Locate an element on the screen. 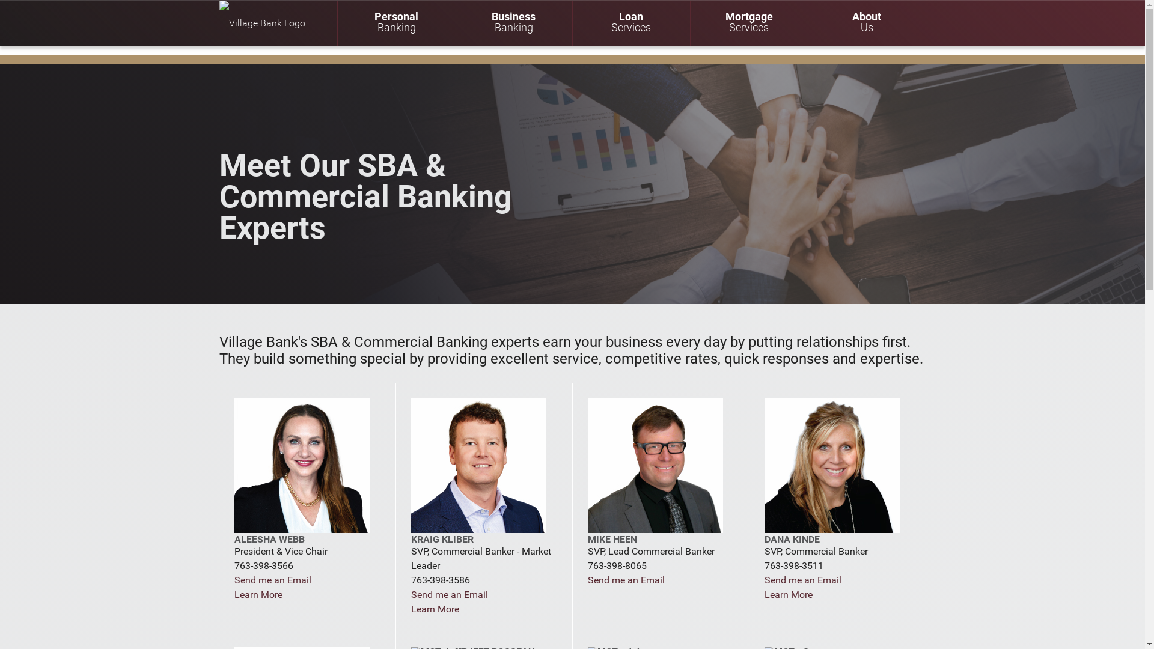  'Learn More' is located at coordinates (435, 609).